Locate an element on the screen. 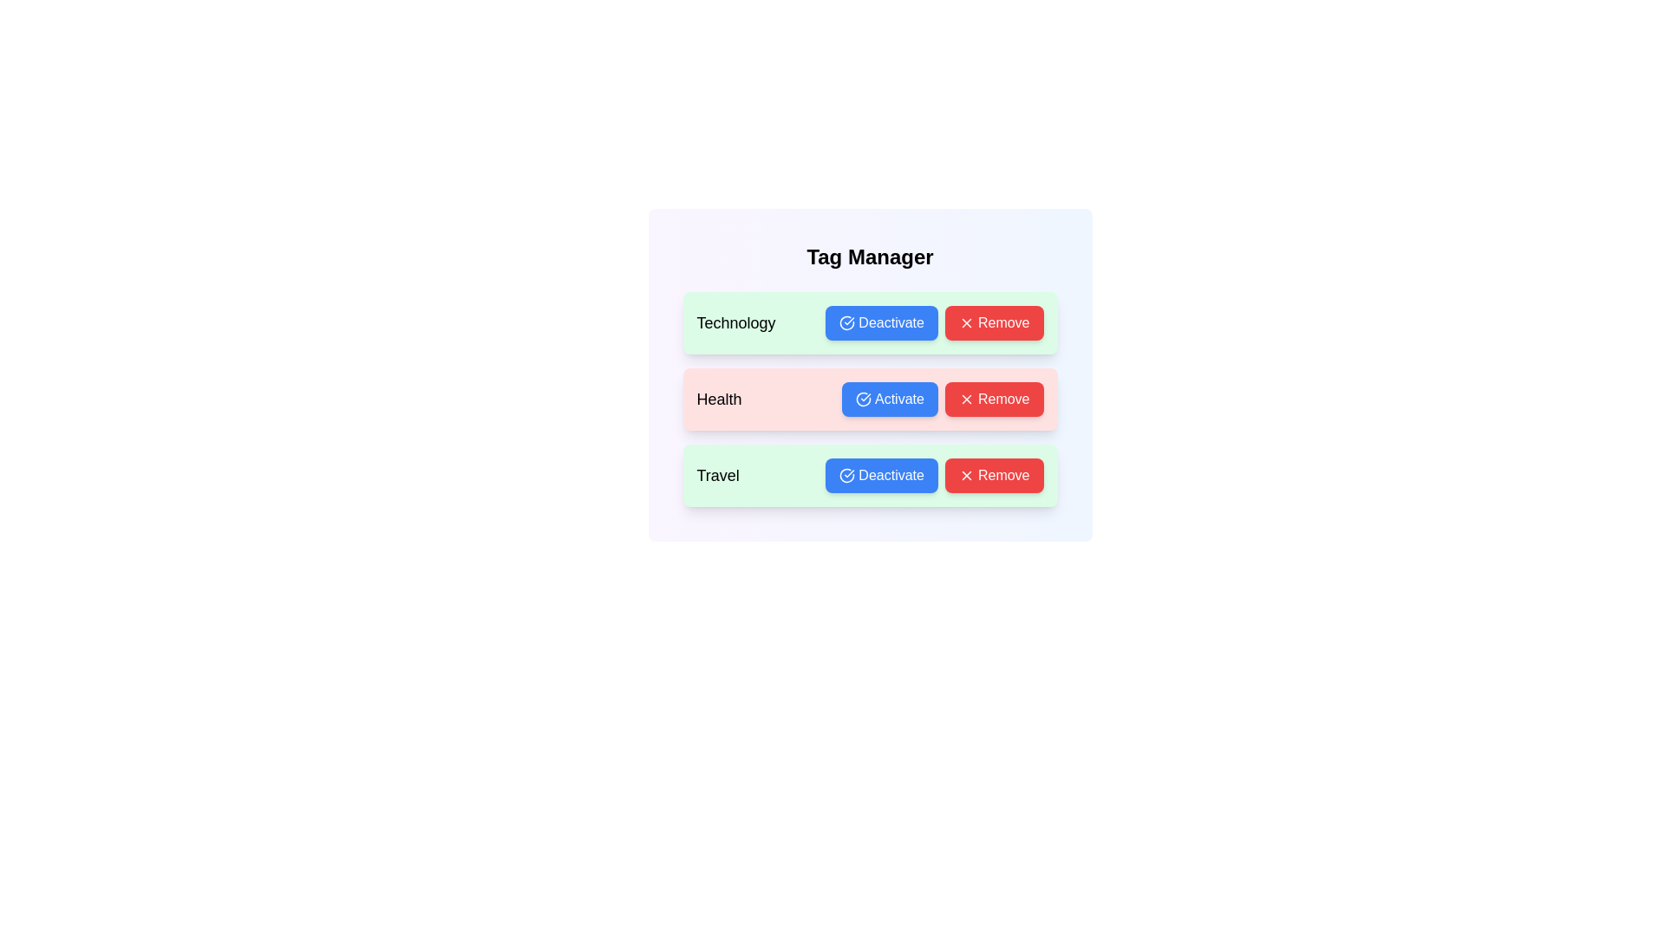 The height and width of the screenshot is (936, 1665). the tag with name Travel is located at coordinates (882, 475).